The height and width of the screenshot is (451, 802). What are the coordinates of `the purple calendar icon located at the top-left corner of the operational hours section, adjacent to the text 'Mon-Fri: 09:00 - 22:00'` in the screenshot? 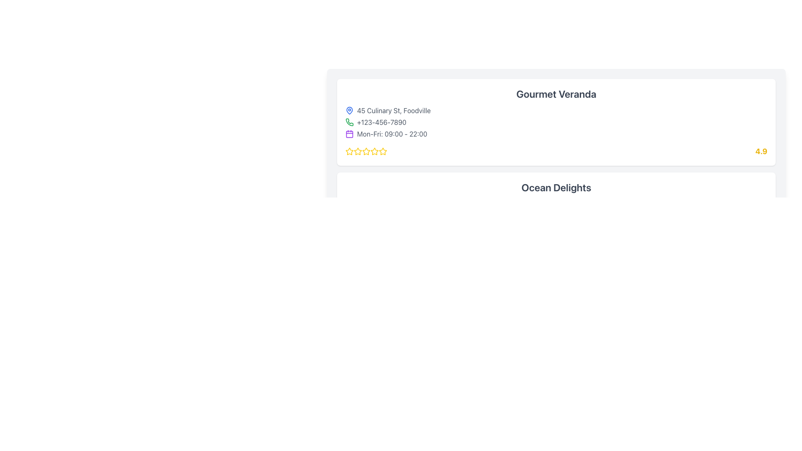 It's located at (349, 133).